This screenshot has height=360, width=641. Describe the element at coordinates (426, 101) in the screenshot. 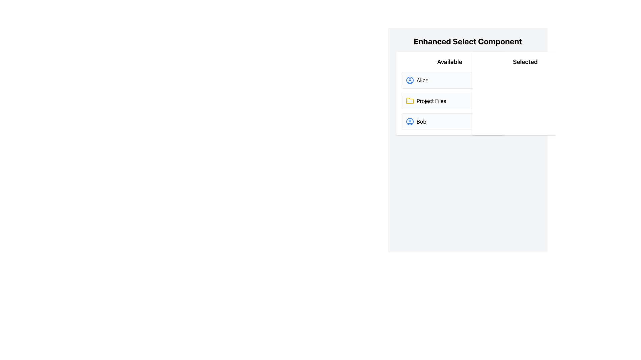

I see `the 'Project Files' label option in the 'Available' section` at that location.